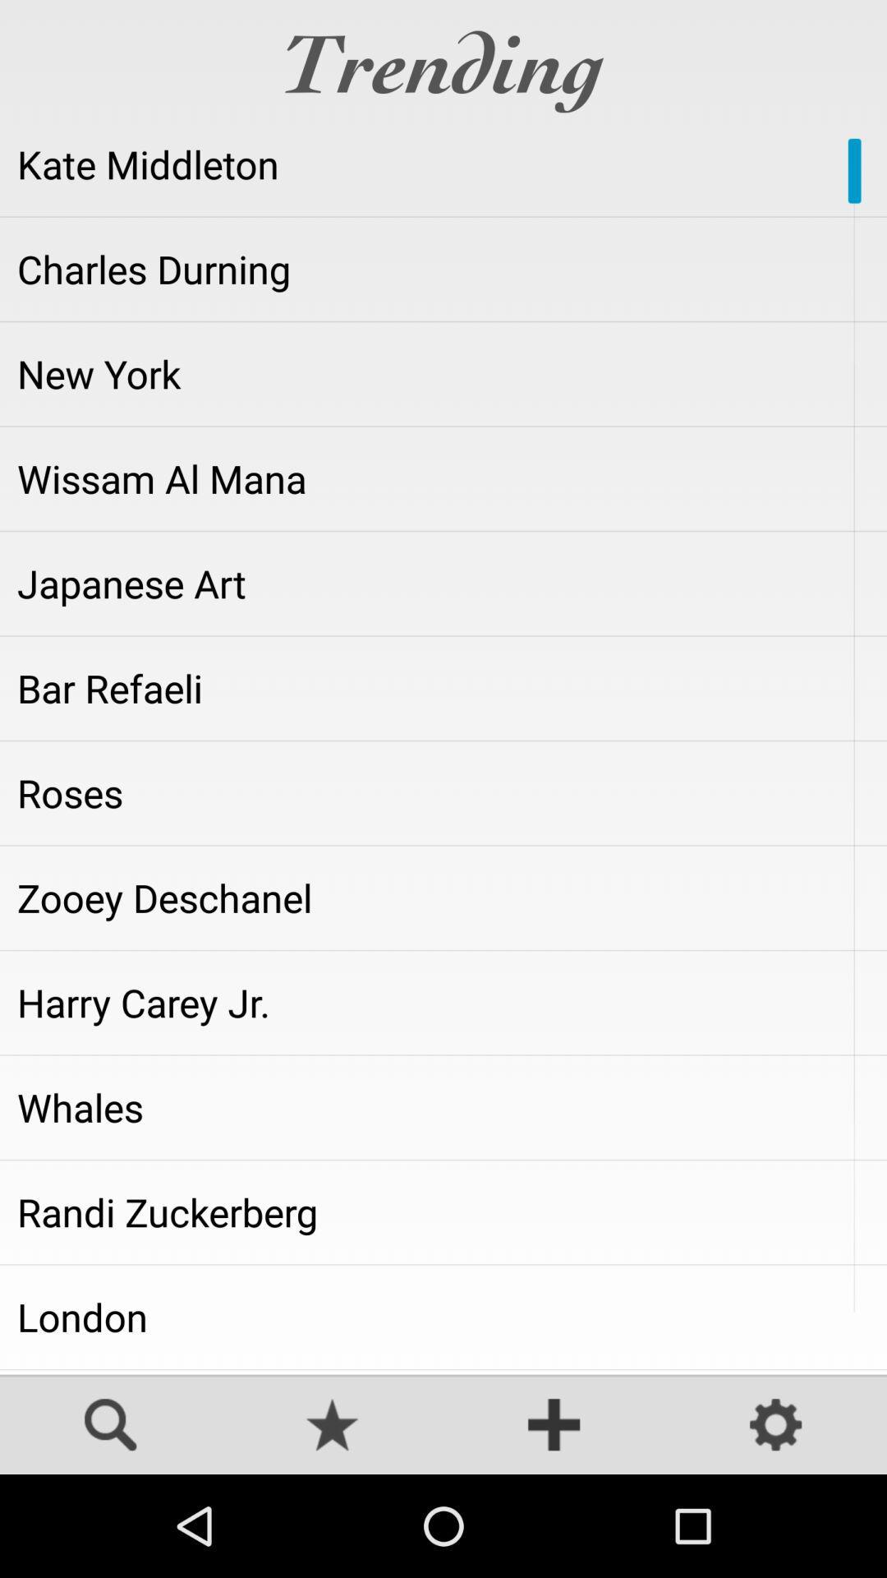  Describe the element at coordinates (443, 1317) in the screenshot. I see `icon above lucy liu item` at that location.